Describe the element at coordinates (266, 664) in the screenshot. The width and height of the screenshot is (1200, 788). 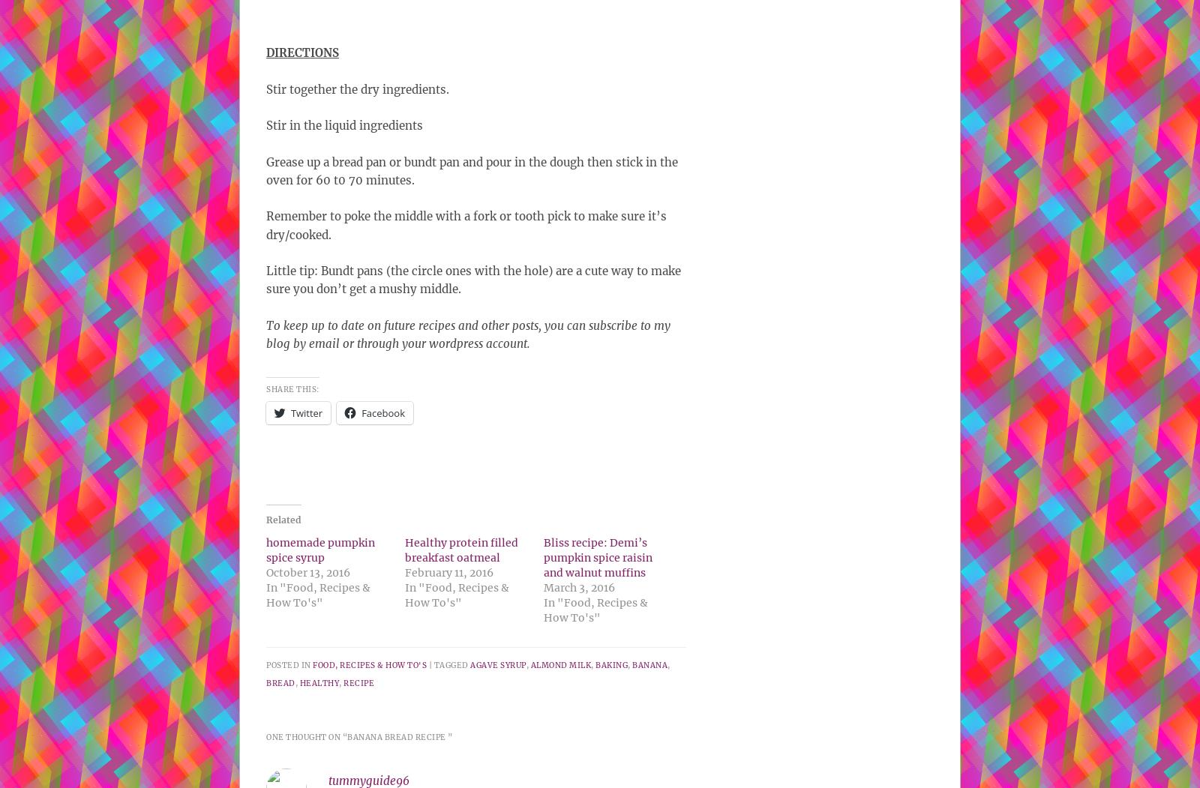
I see `'Posted in'` at that location.